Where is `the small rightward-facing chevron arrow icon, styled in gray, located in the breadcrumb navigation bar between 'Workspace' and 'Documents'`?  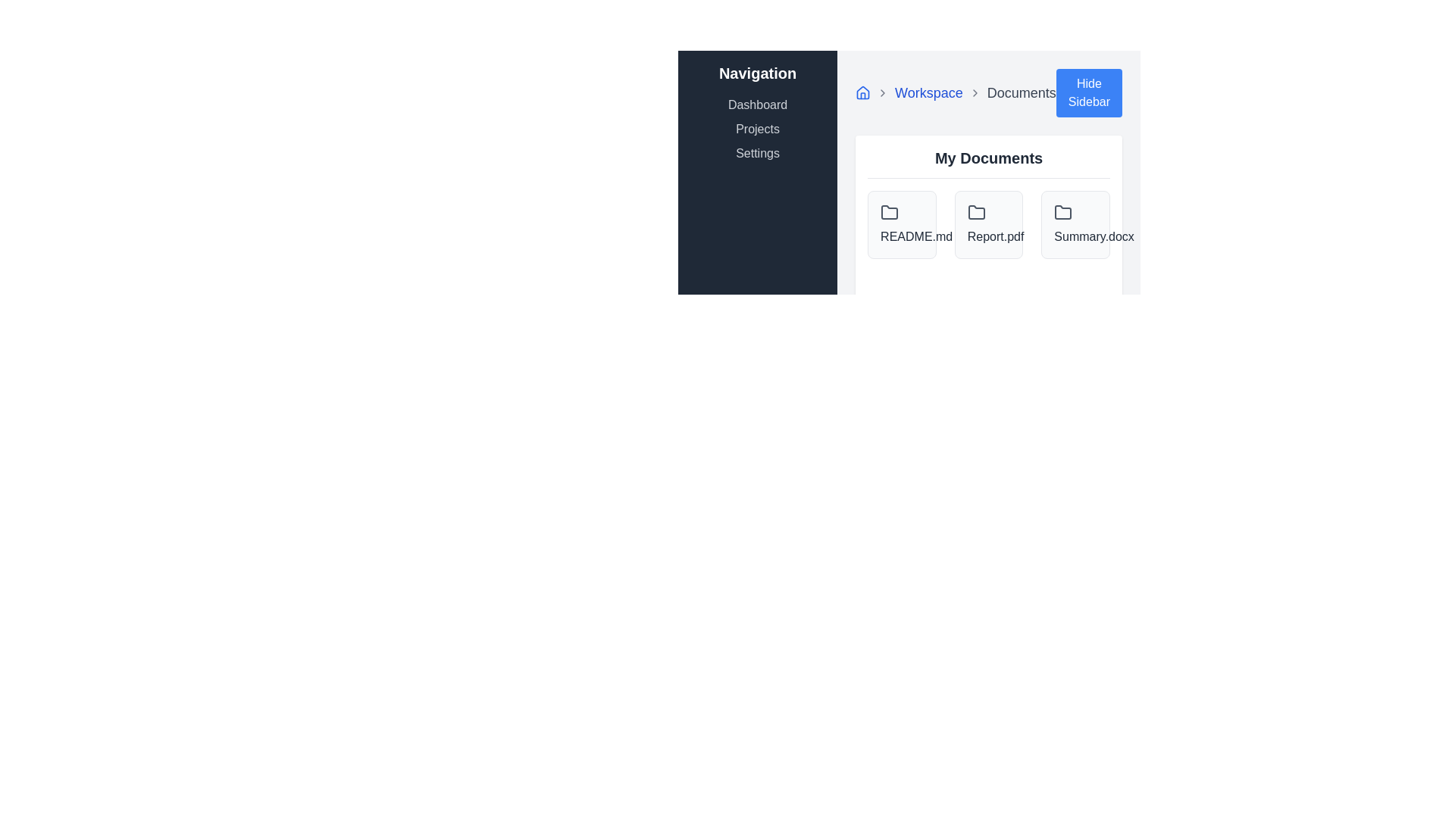
the small rightward-facing chevron arrow icon, styled in gray, located in the breadcrumb navigation bar between 'Workspace' and 'Documents' is located at coordinates (975, 93).